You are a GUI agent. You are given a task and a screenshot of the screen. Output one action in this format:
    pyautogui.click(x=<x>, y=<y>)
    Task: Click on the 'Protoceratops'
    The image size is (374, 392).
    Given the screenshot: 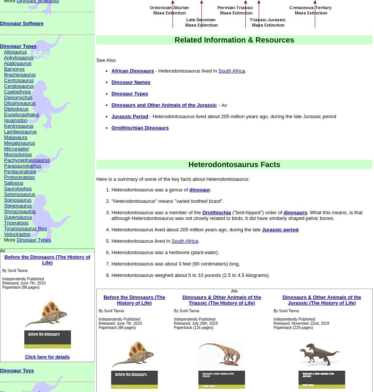 What is the action you would take?
    pyautogui.click(x=19, y=177)
    